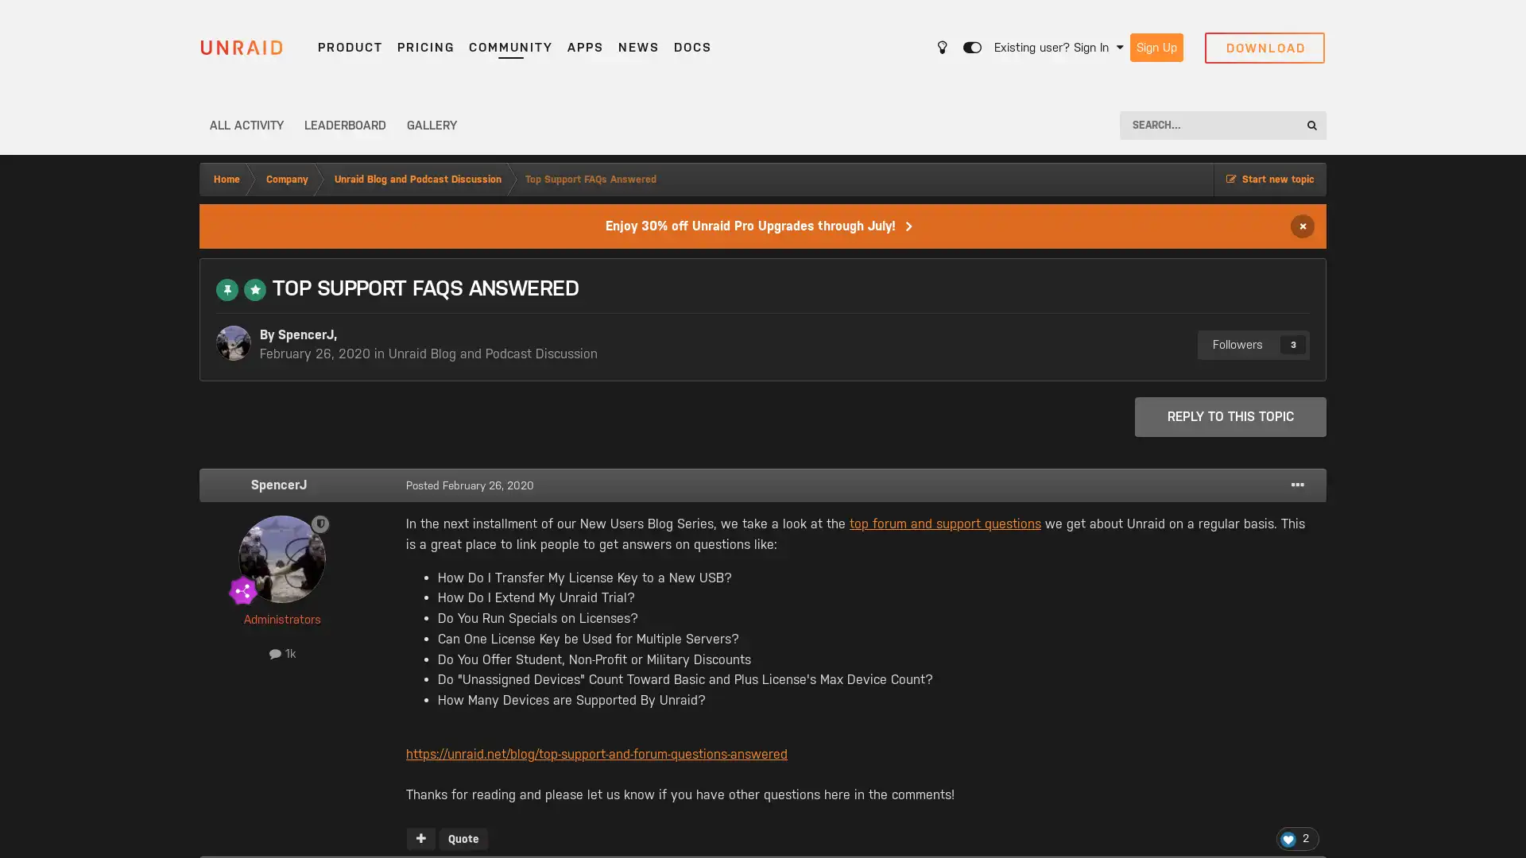 The image size is (1526, 858). I want to click on Search, so click(1312, 124).